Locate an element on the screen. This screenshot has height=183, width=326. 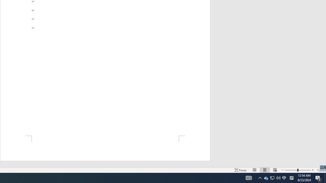
'Focus ' is located at coordinates (240, 170).